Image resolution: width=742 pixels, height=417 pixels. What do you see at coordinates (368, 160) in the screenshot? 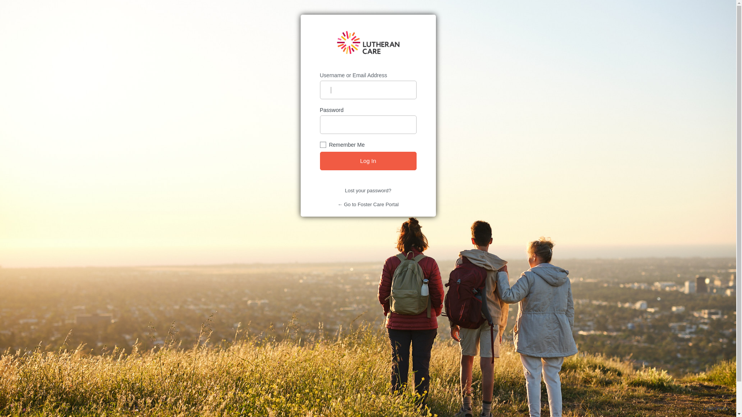
I see `'Log In'` at bounding box center [368, 160].